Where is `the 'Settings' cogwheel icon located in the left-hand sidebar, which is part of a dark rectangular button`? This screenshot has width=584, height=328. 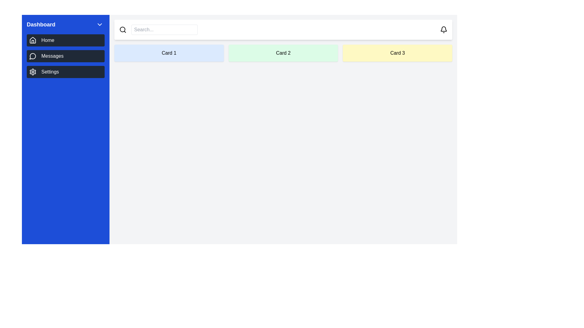 the 'Settings' cogwheel icon located in the left-hand sidebar, which is part of a dark rectangular button is located at coordinates (33, 71).